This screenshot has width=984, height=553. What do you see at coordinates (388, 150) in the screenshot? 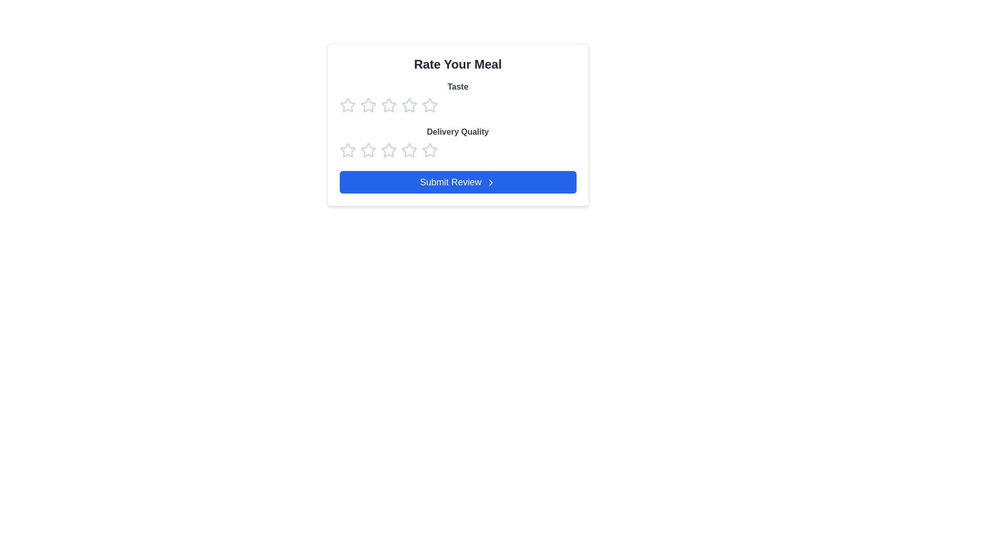
I see `the second star icon from the left in the rating system under the 'Delivery Quality' label` at bounding box center [388, 150].